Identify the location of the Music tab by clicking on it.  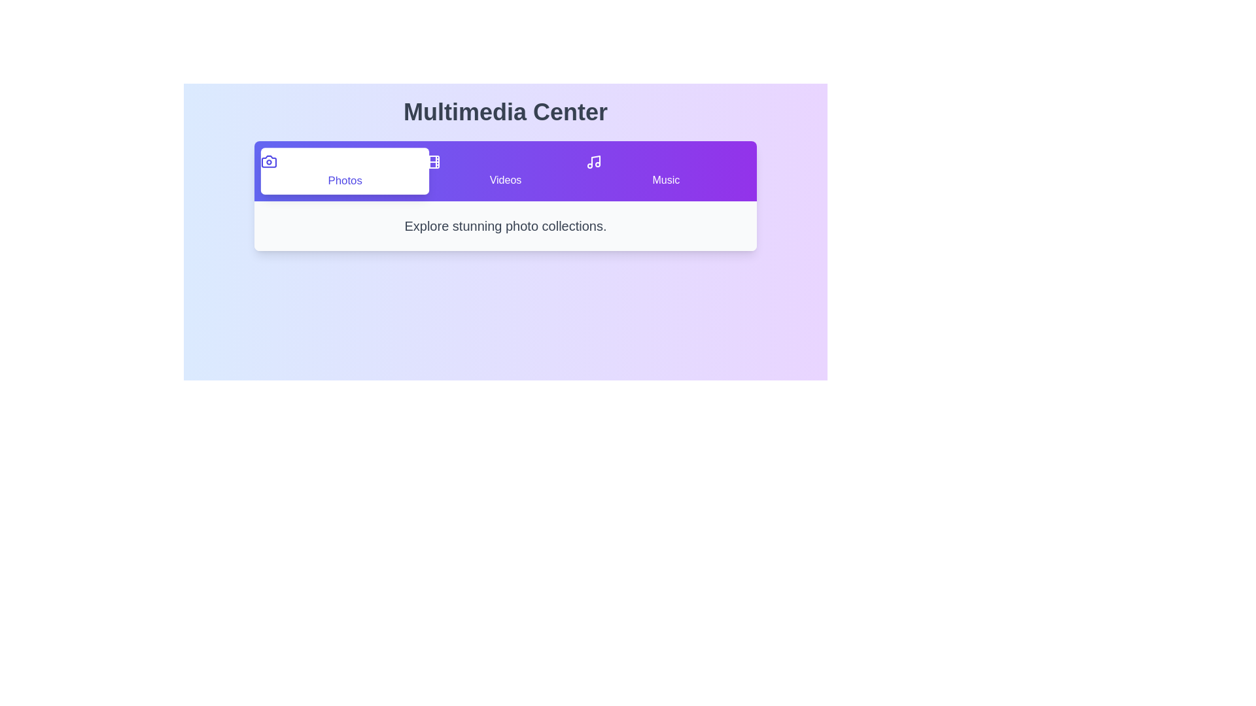
(665, 171).